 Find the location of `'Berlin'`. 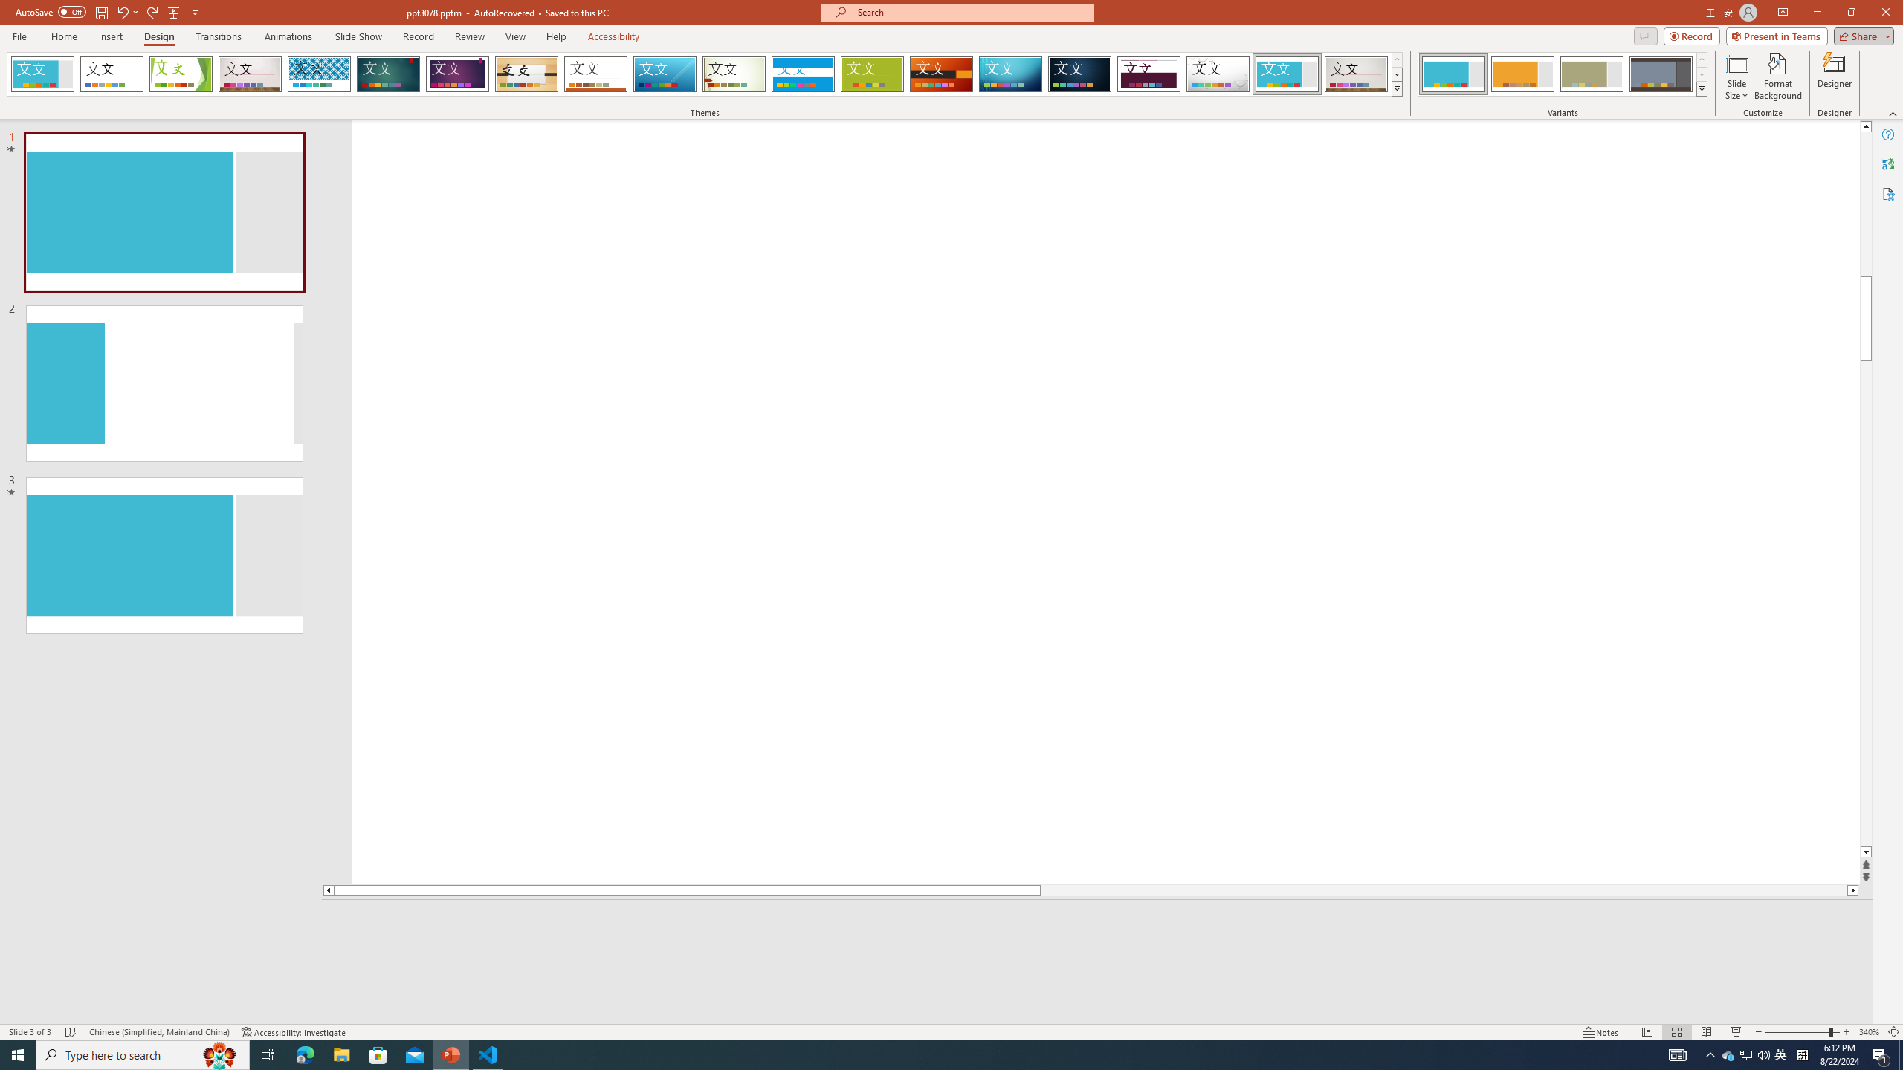

'Berlin' is located at coordinates (942, 74).